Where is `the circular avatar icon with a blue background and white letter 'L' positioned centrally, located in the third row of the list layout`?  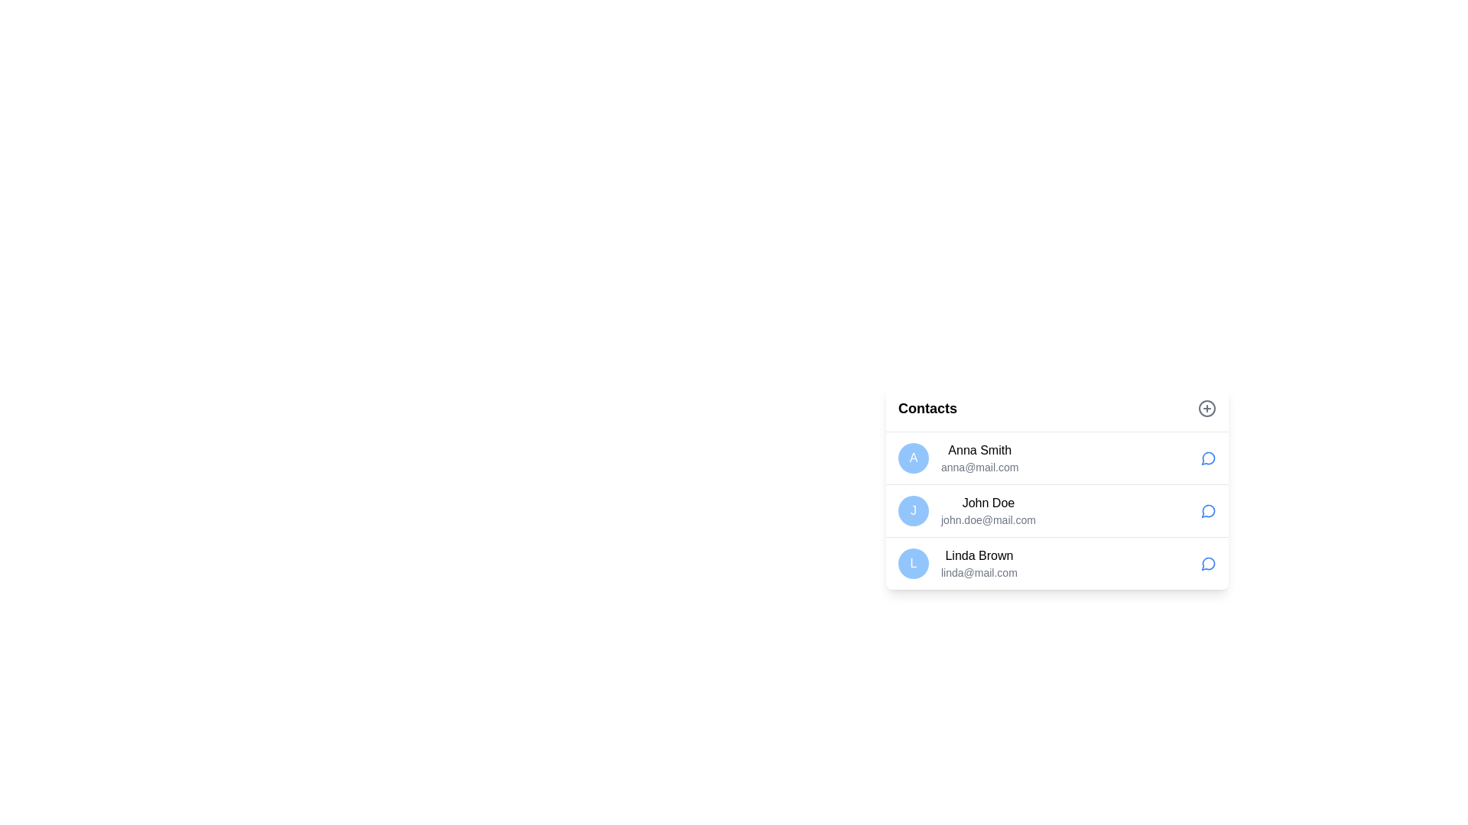 the circular avatar icon with a blue background and white letter 'L' positioned centrally, located in the third row of the list layout is located at coordinates (914, 563).